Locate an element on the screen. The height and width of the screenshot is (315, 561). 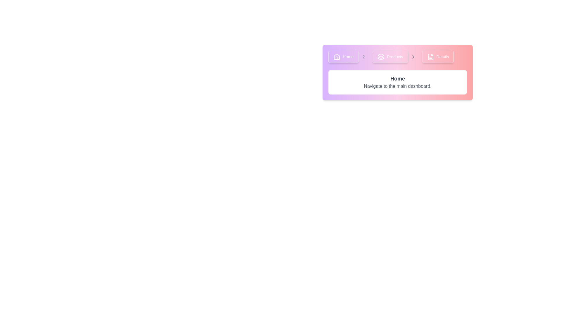
the triangular SVG graphic icon within the 'Products' breadcrumb navigation button is located at coordinates (381, 55).